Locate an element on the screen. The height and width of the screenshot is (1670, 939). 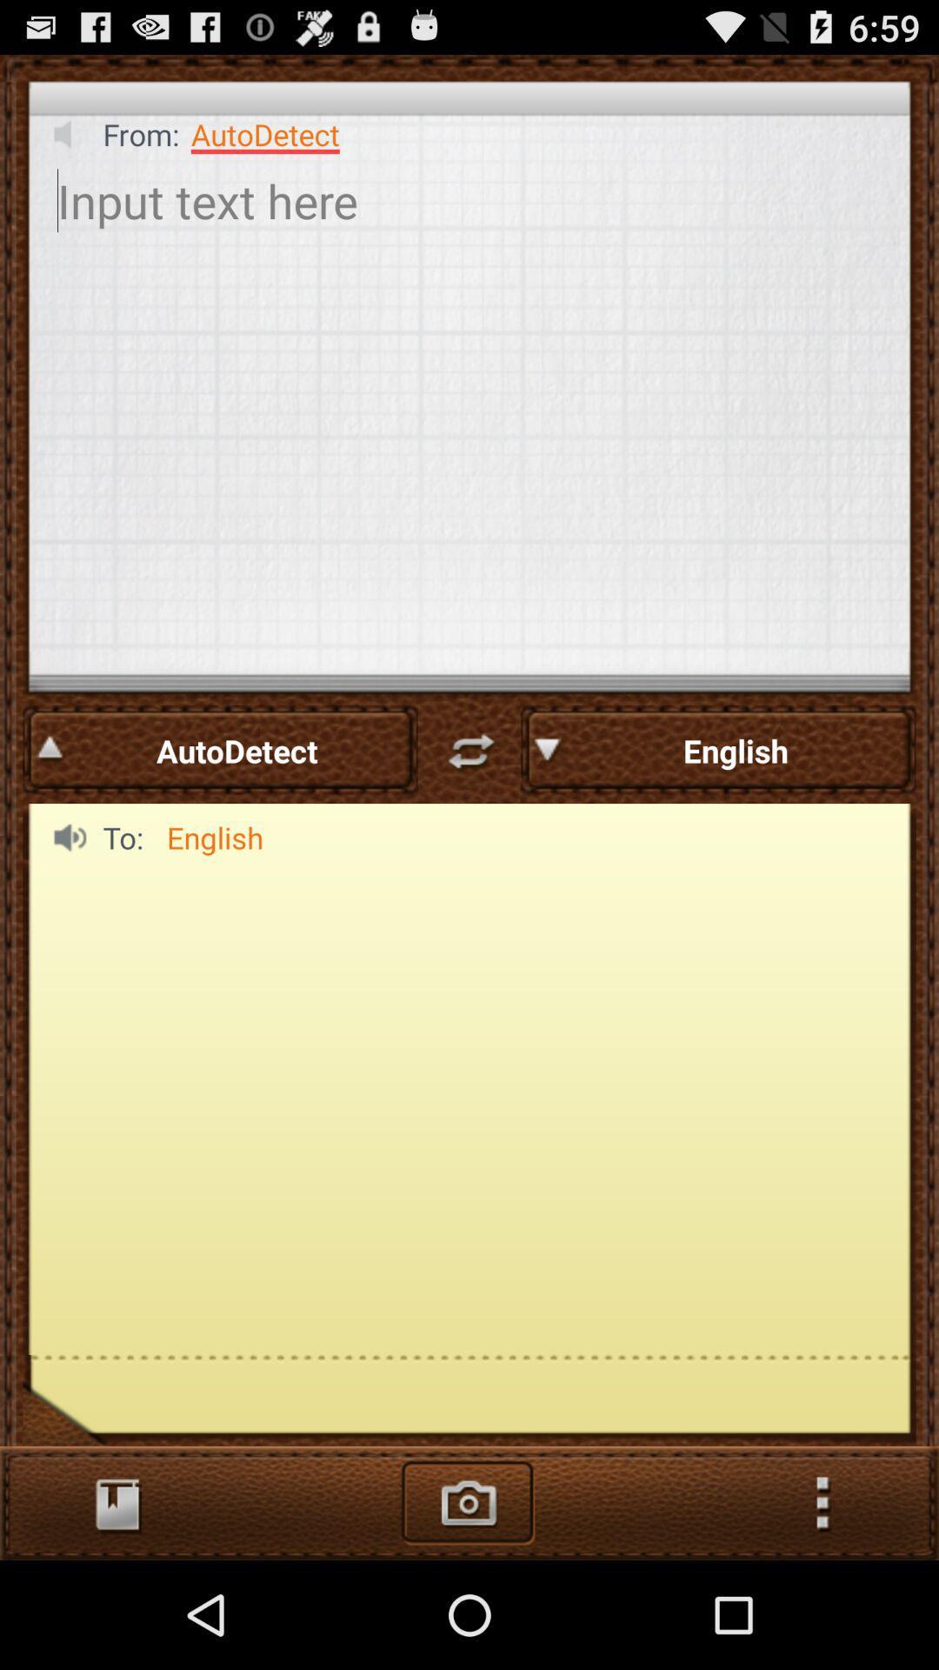
the photo icon is located at coordinates (468, 1607).